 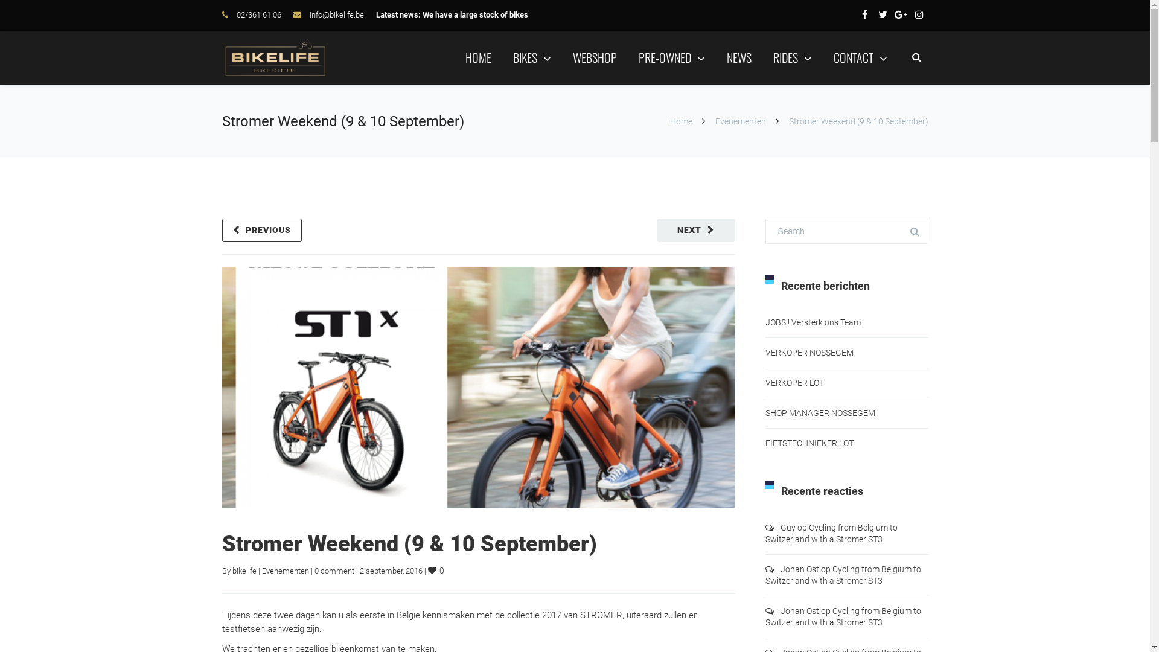 What do you see at coordinates (859, 57) in the screenshot?
I see `'CONTACT'` at bounding box center [859, 57].